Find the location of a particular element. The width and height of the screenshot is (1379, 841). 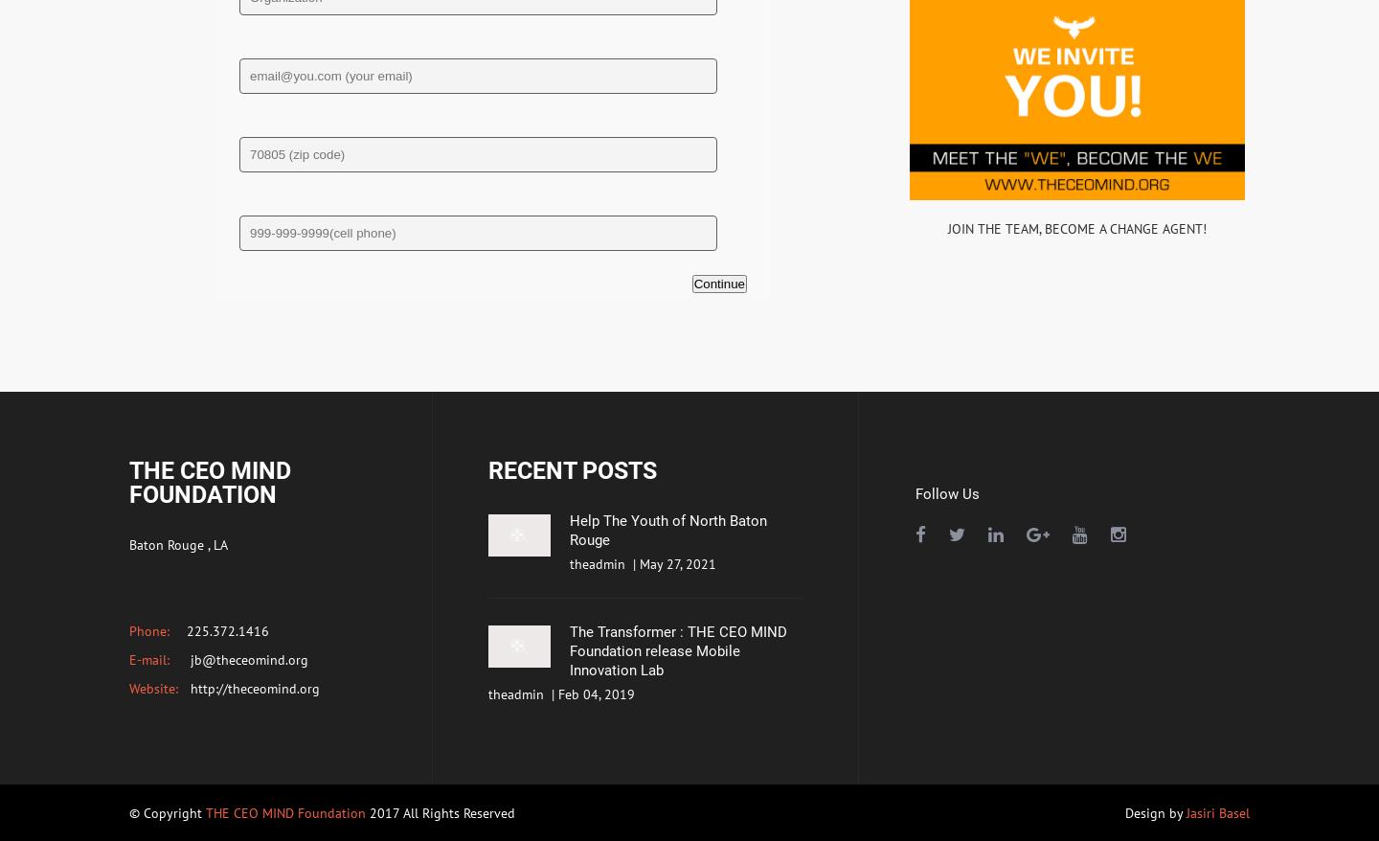

'JOIN THE TEAM, BECOME A CHANGE AGENT!' is located at coordinates (1075, 228).